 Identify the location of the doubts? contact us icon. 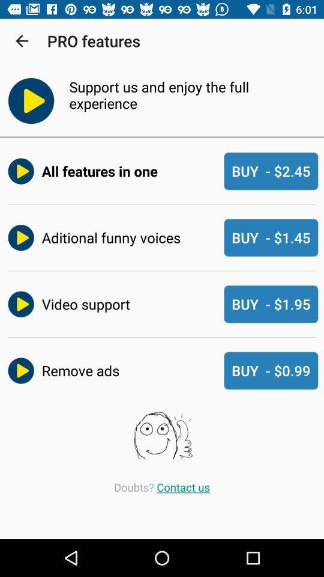
(162, 487).